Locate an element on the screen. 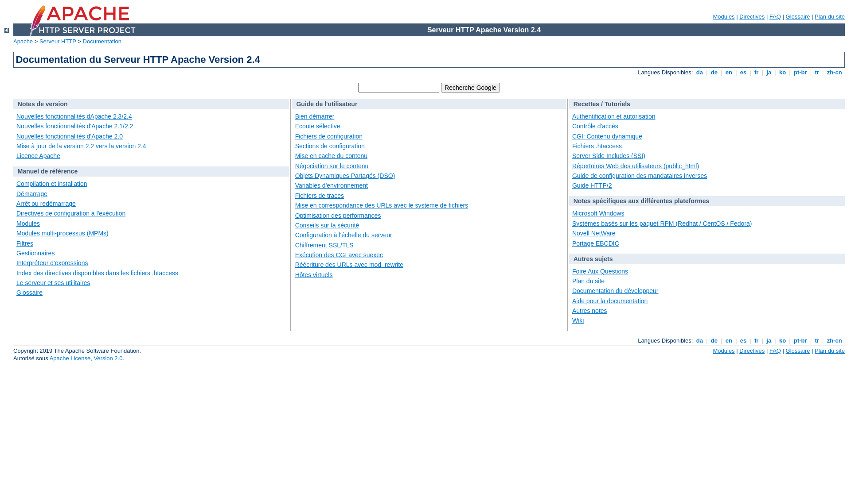  'Autres sujets' is located at coordinates (574, 259).